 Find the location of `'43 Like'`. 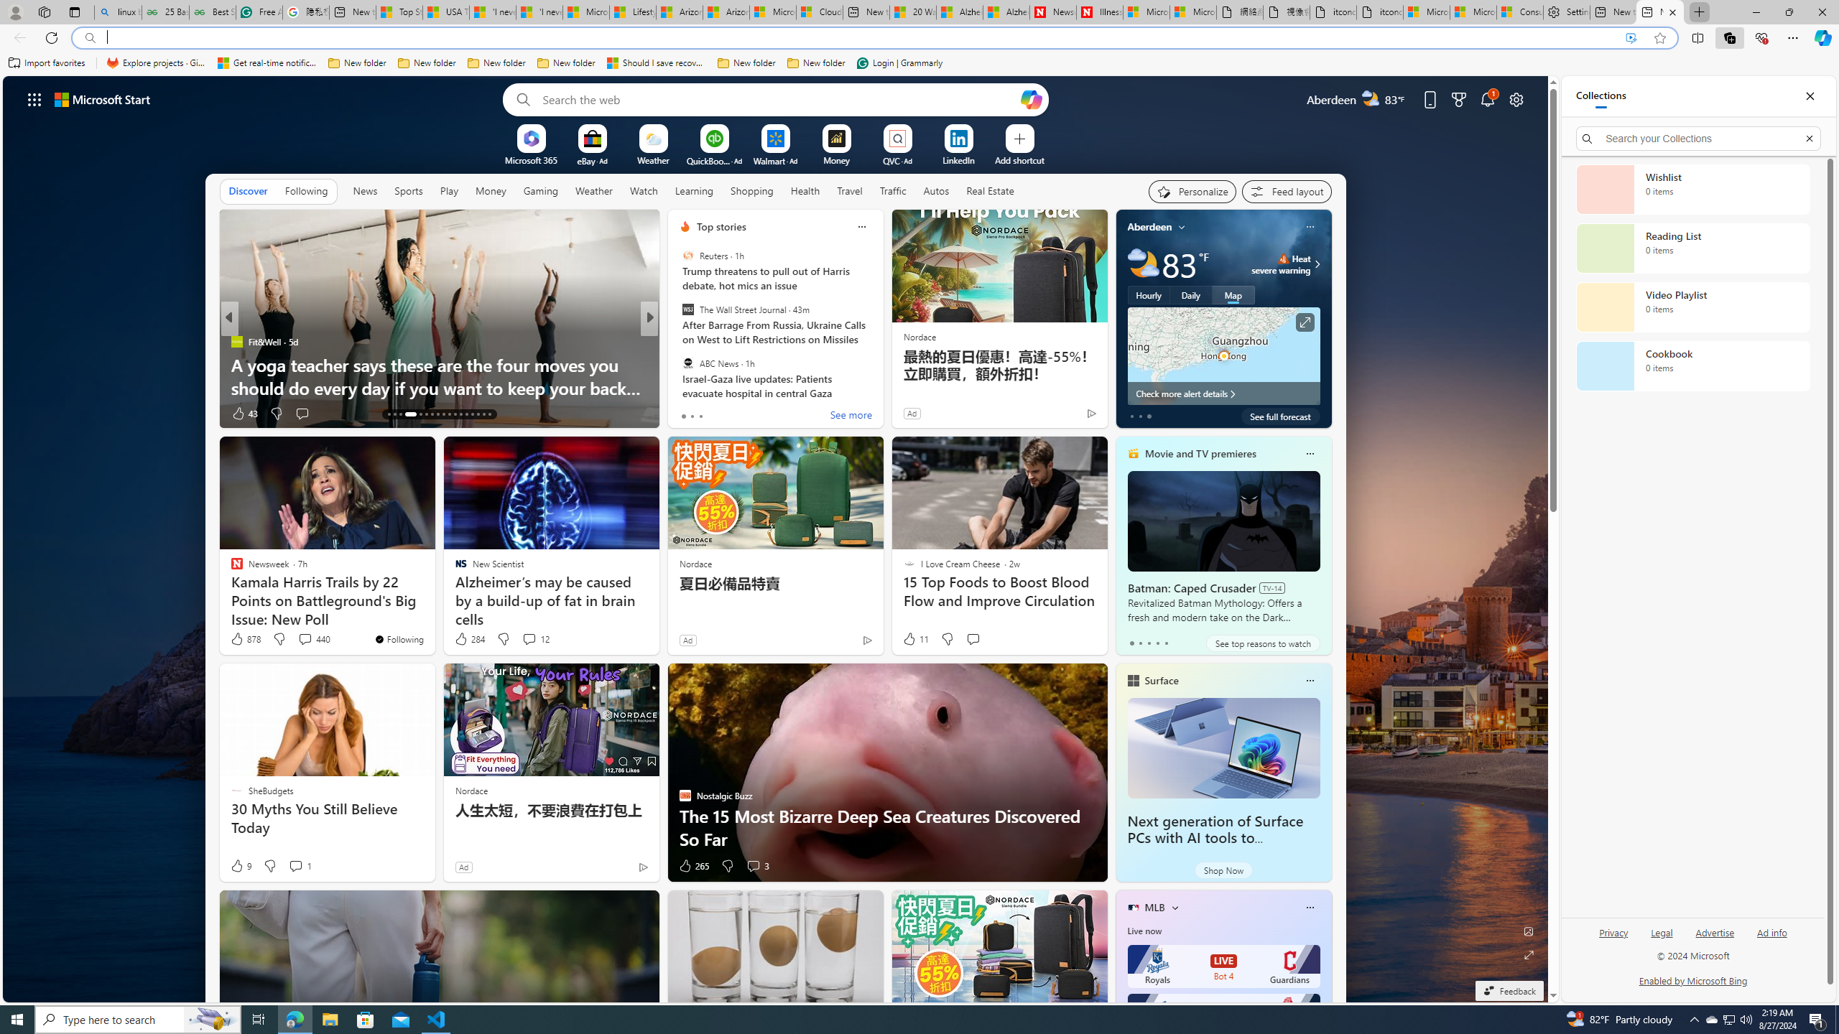

'43 Like' is located at coordinates (243, 413).